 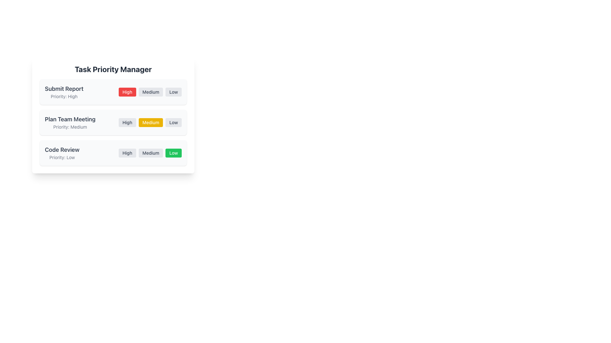 What do you see at coordinates (151, 122) in the screenshot?
I see `the 'Medium Priority' button in the 'Plan Team Meeting' section of the 'Task Priority Manager' interface` at bounding box center [151, 122].